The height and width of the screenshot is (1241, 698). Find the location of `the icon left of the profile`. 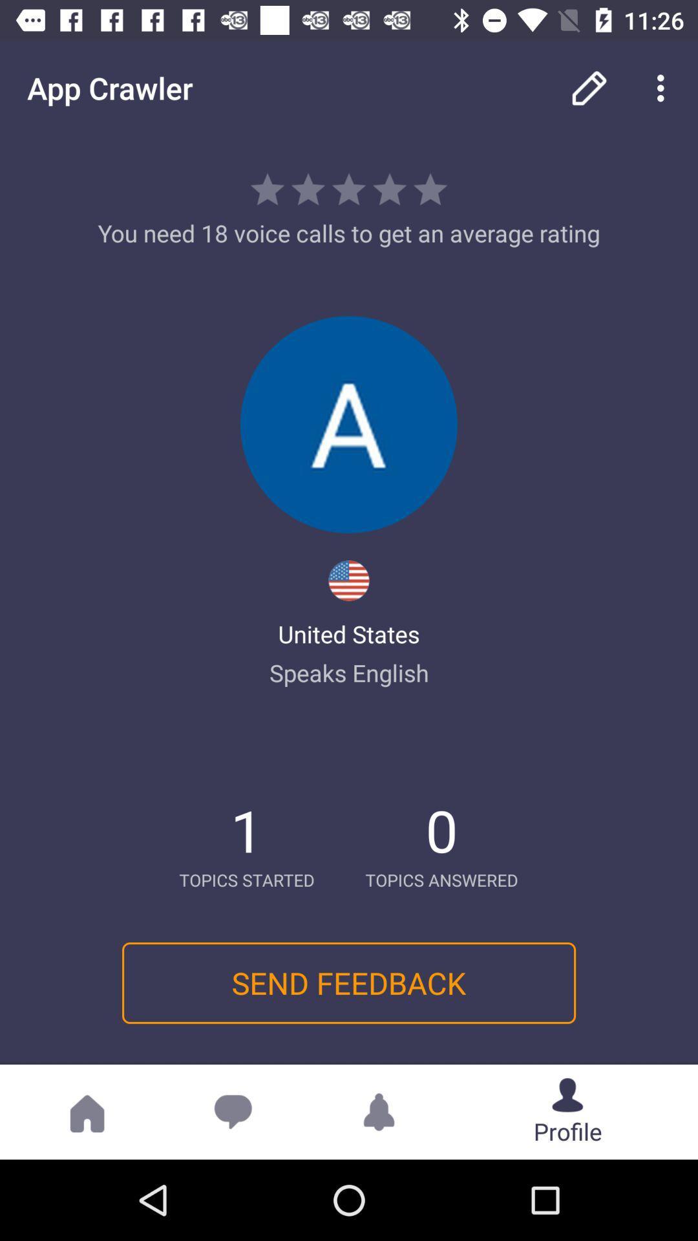

the icon left of the profile is located at coordinates (378, 1111).